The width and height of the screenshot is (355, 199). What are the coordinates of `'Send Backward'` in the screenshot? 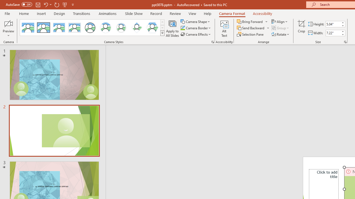 It's located at (253, 28).